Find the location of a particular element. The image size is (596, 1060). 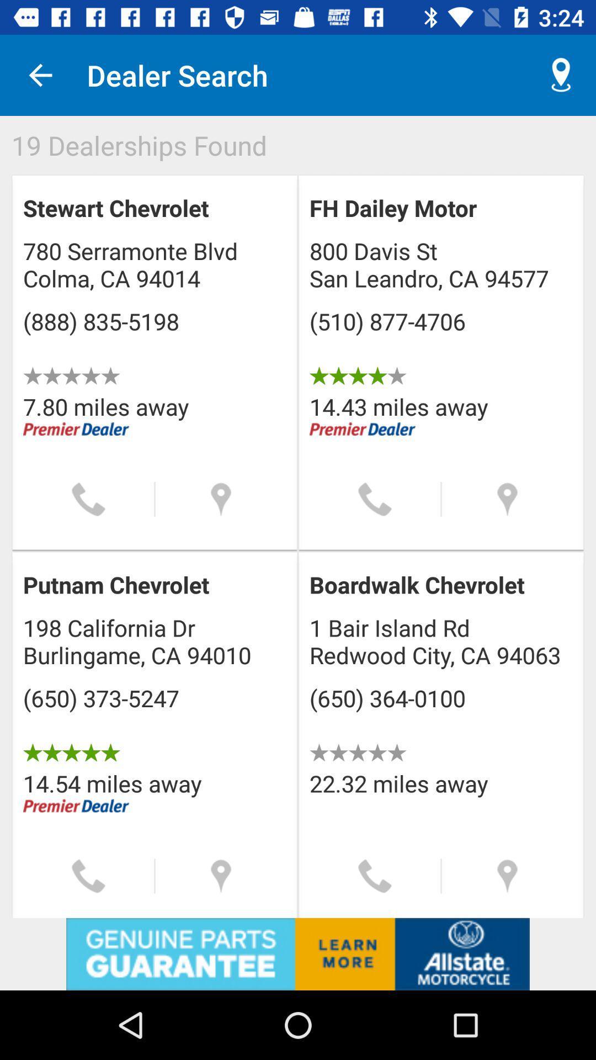

call logo is located at coordinates (374, 876).